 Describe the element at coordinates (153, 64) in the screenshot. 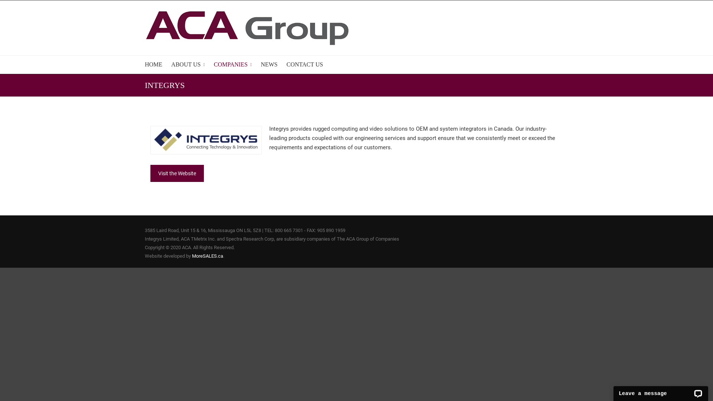

I see `'HOME'` at that location.